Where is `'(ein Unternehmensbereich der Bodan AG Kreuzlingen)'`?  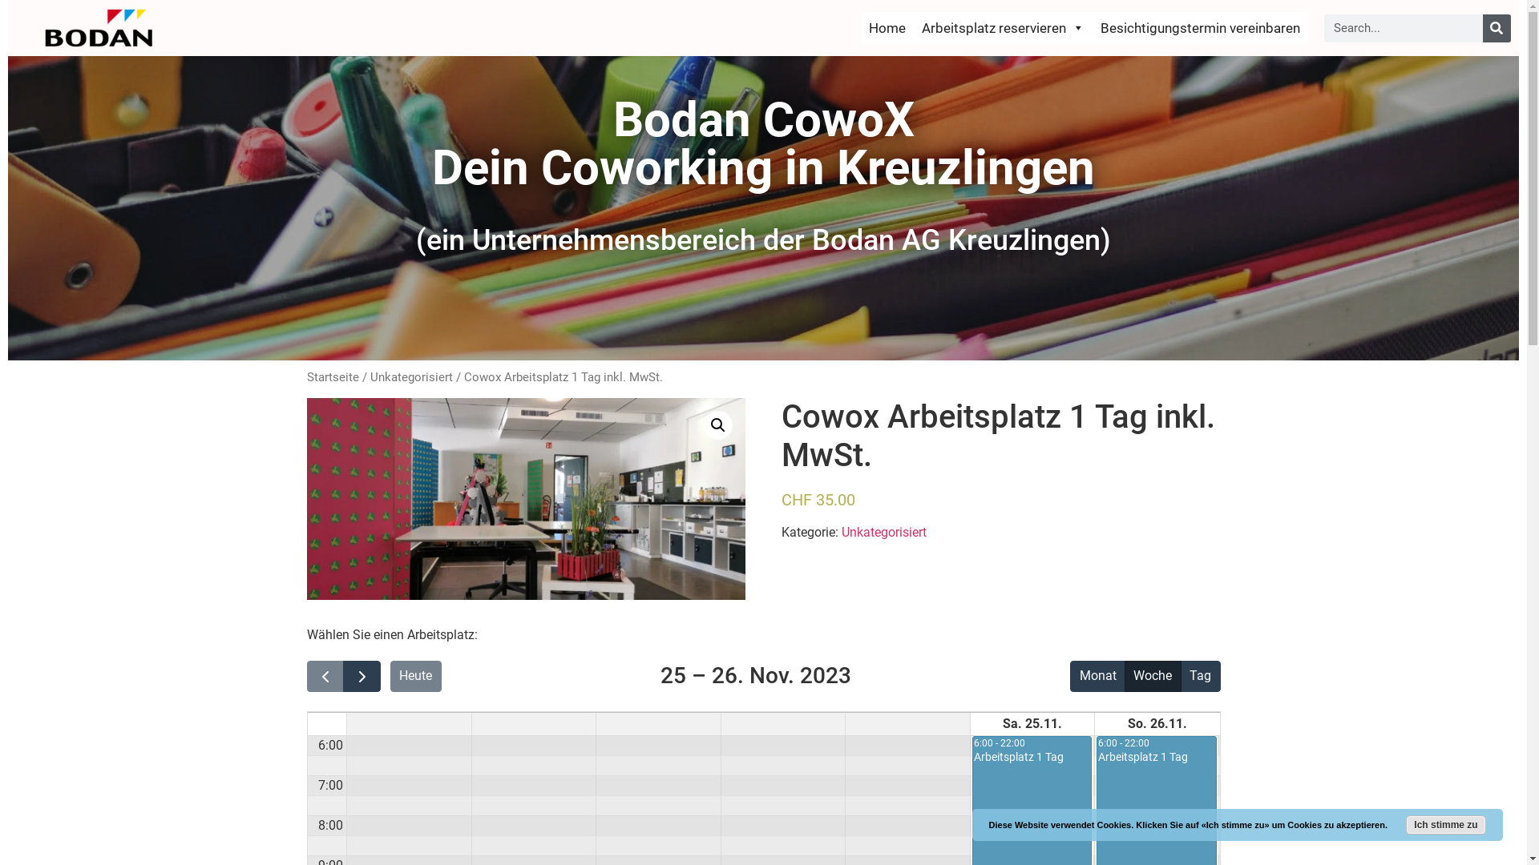
'(ein Unternehmensbereich der Bodan AG Kreuzlingen)' is located at coordinates (762, 240).